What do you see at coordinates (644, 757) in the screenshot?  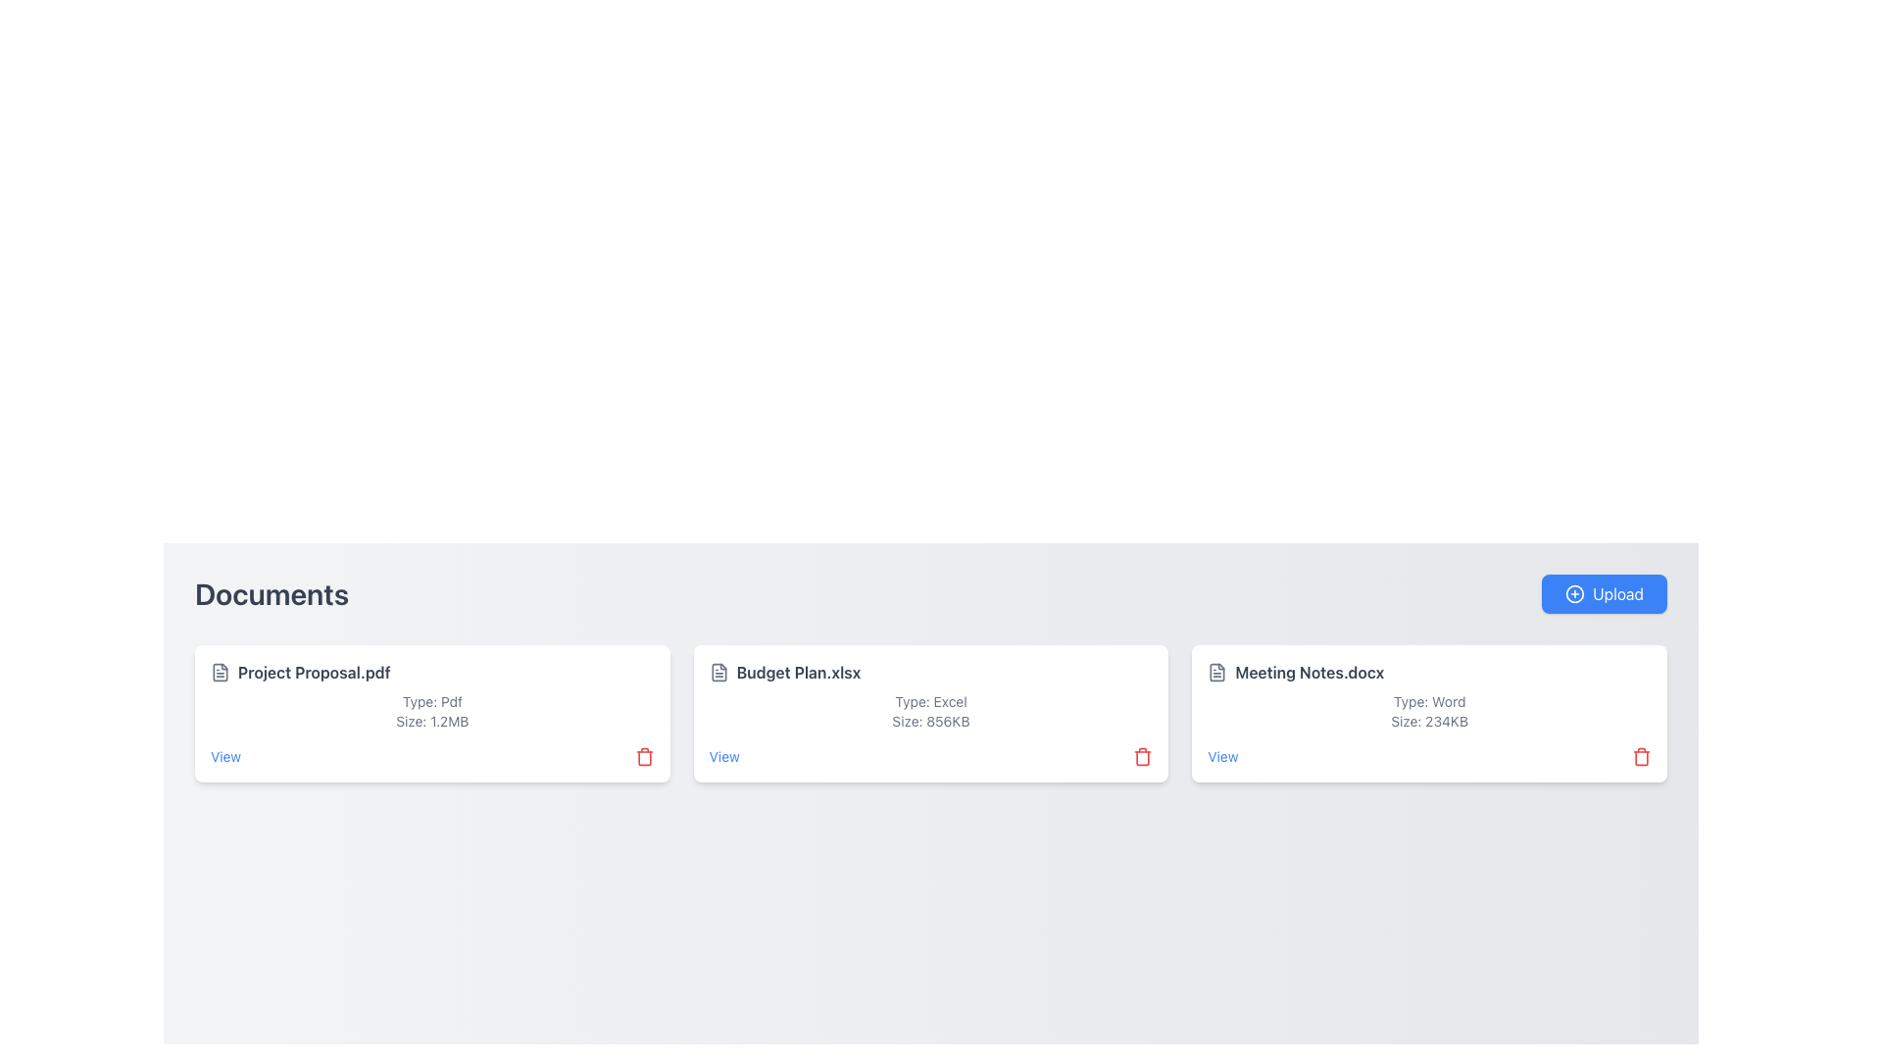 I see `the main body of the trash can icon, which is a rectangular shape with rounded corners, located at the bottom right corner of the 'Project Proposal.pdf' document card` at bounding box center [644, 757].